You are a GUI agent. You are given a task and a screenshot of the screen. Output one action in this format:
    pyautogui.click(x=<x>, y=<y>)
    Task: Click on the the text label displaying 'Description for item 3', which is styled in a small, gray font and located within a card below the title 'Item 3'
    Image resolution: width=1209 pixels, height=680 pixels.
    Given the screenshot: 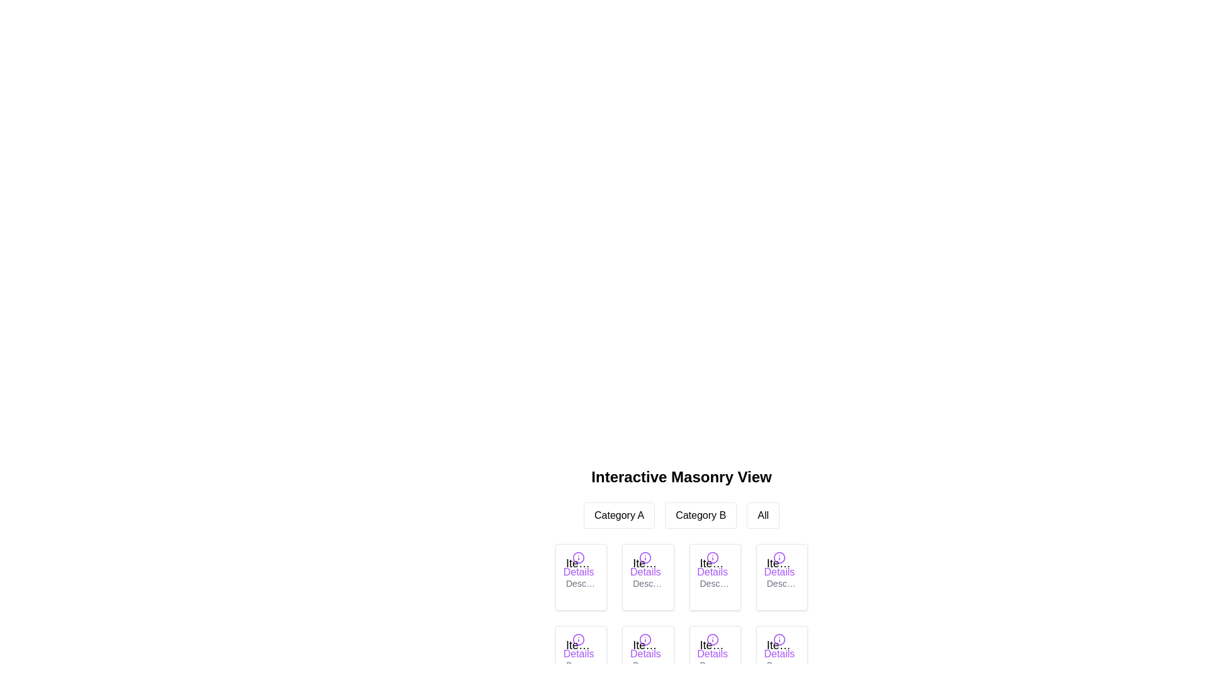 What is the action you would take?
    pyautogui.click(x=715, y=583)
    